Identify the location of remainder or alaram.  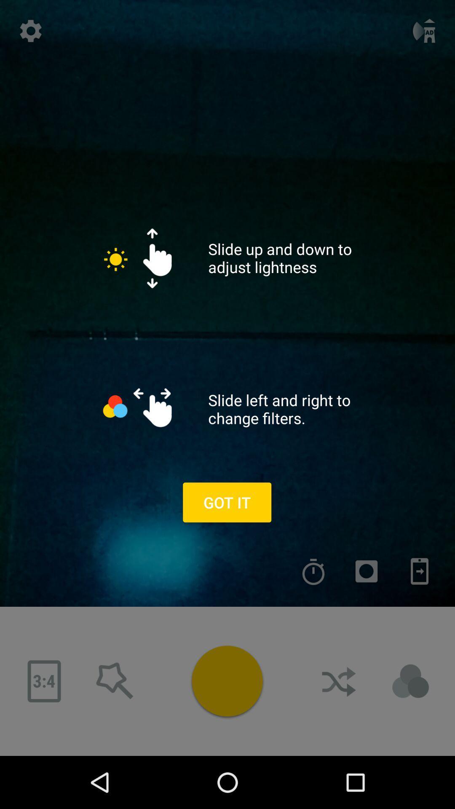
(313, 571).